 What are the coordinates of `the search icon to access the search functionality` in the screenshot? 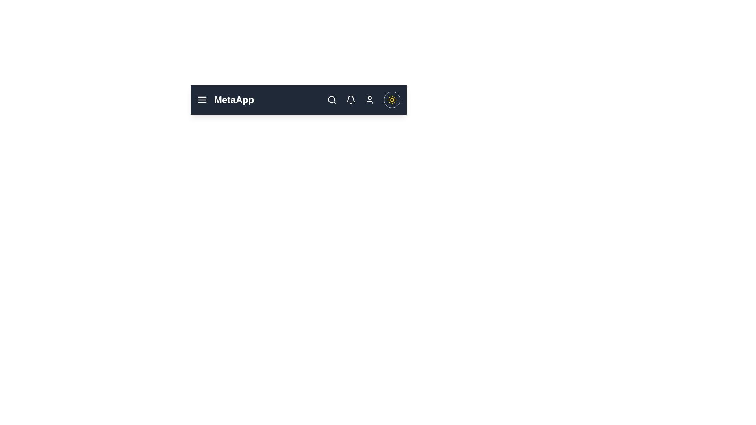 It's located at (332, 100).